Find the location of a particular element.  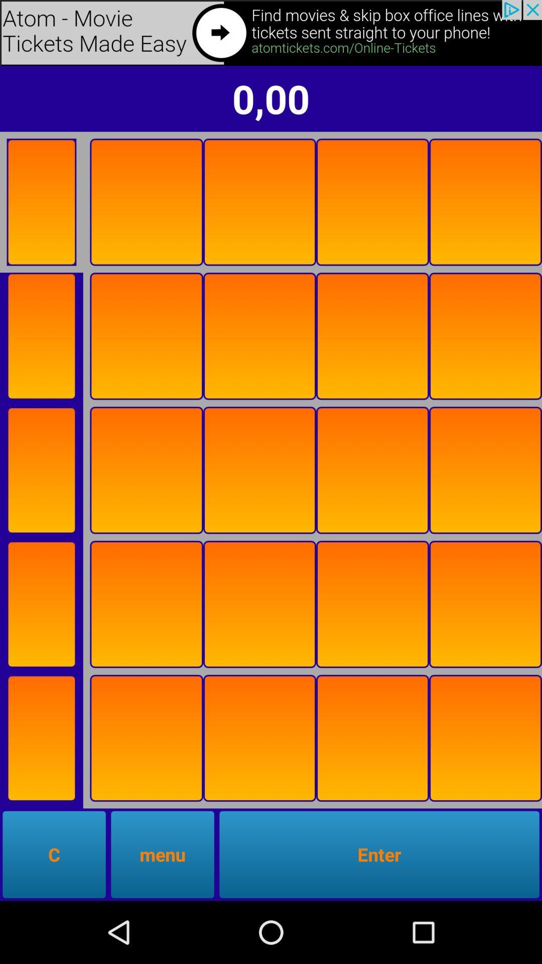

open advertisement is located at coordinates (271, 33).